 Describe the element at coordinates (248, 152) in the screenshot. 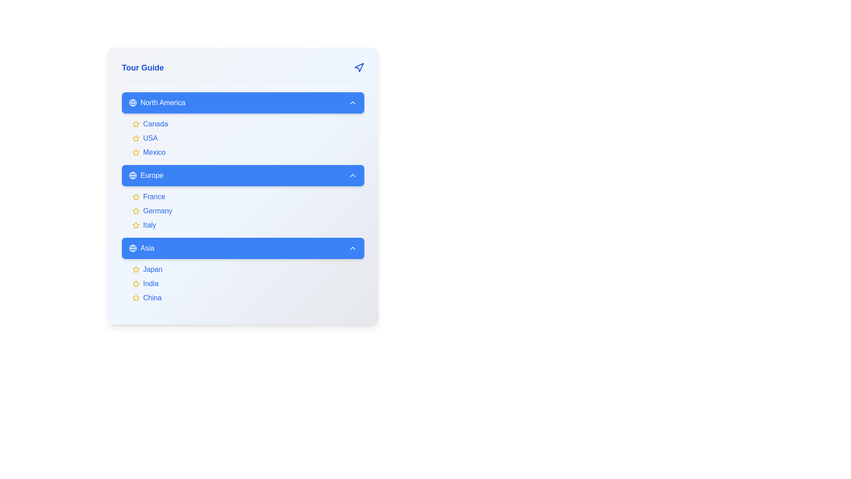

I see `the third link in the 'North America' section of the tour guide menu` at that location.